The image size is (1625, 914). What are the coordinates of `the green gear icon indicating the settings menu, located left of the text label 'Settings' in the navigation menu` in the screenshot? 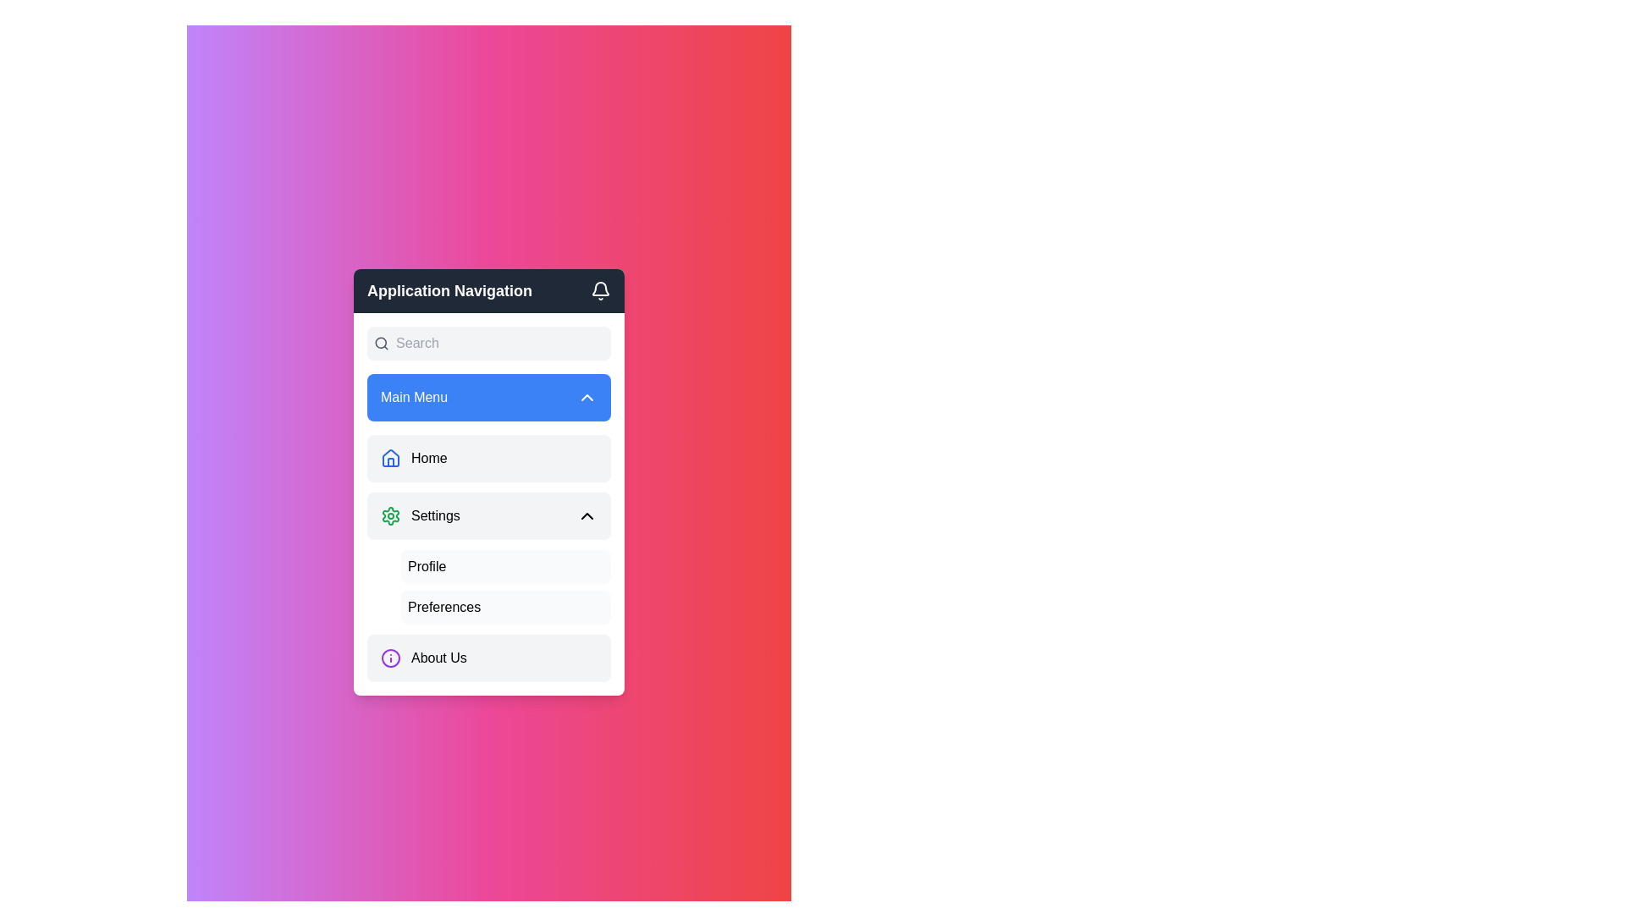 It's located at (389, 515).